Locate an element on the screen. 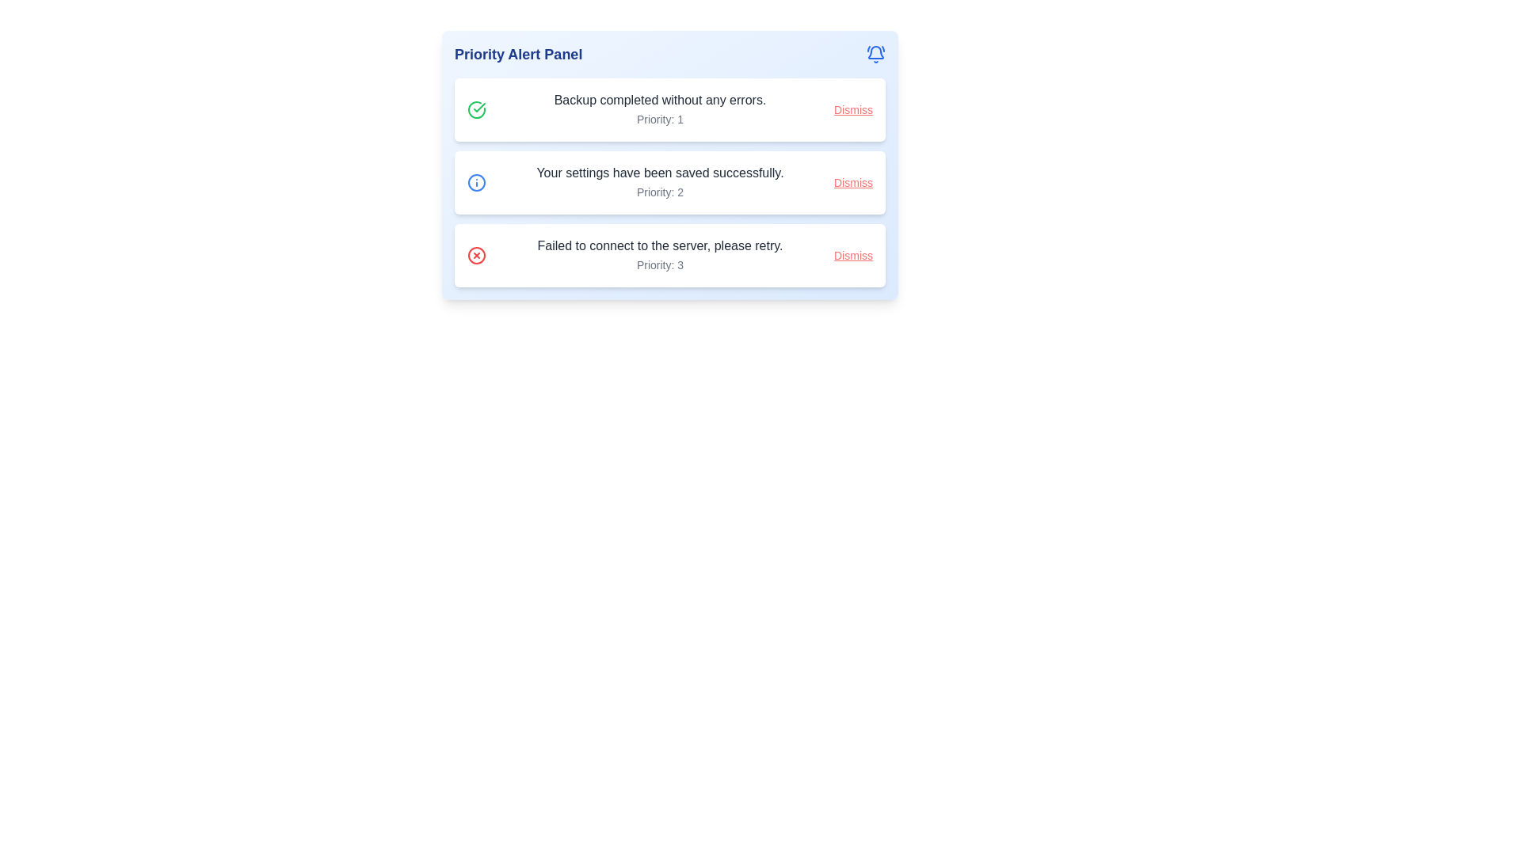 Image resolution: width=1521 pixels, height=855 pixels. notification message displayed in bold font stating 'Failed to connect to the server, please retry.' located in the third row of the notification panel is located at coordinates (660, 255).